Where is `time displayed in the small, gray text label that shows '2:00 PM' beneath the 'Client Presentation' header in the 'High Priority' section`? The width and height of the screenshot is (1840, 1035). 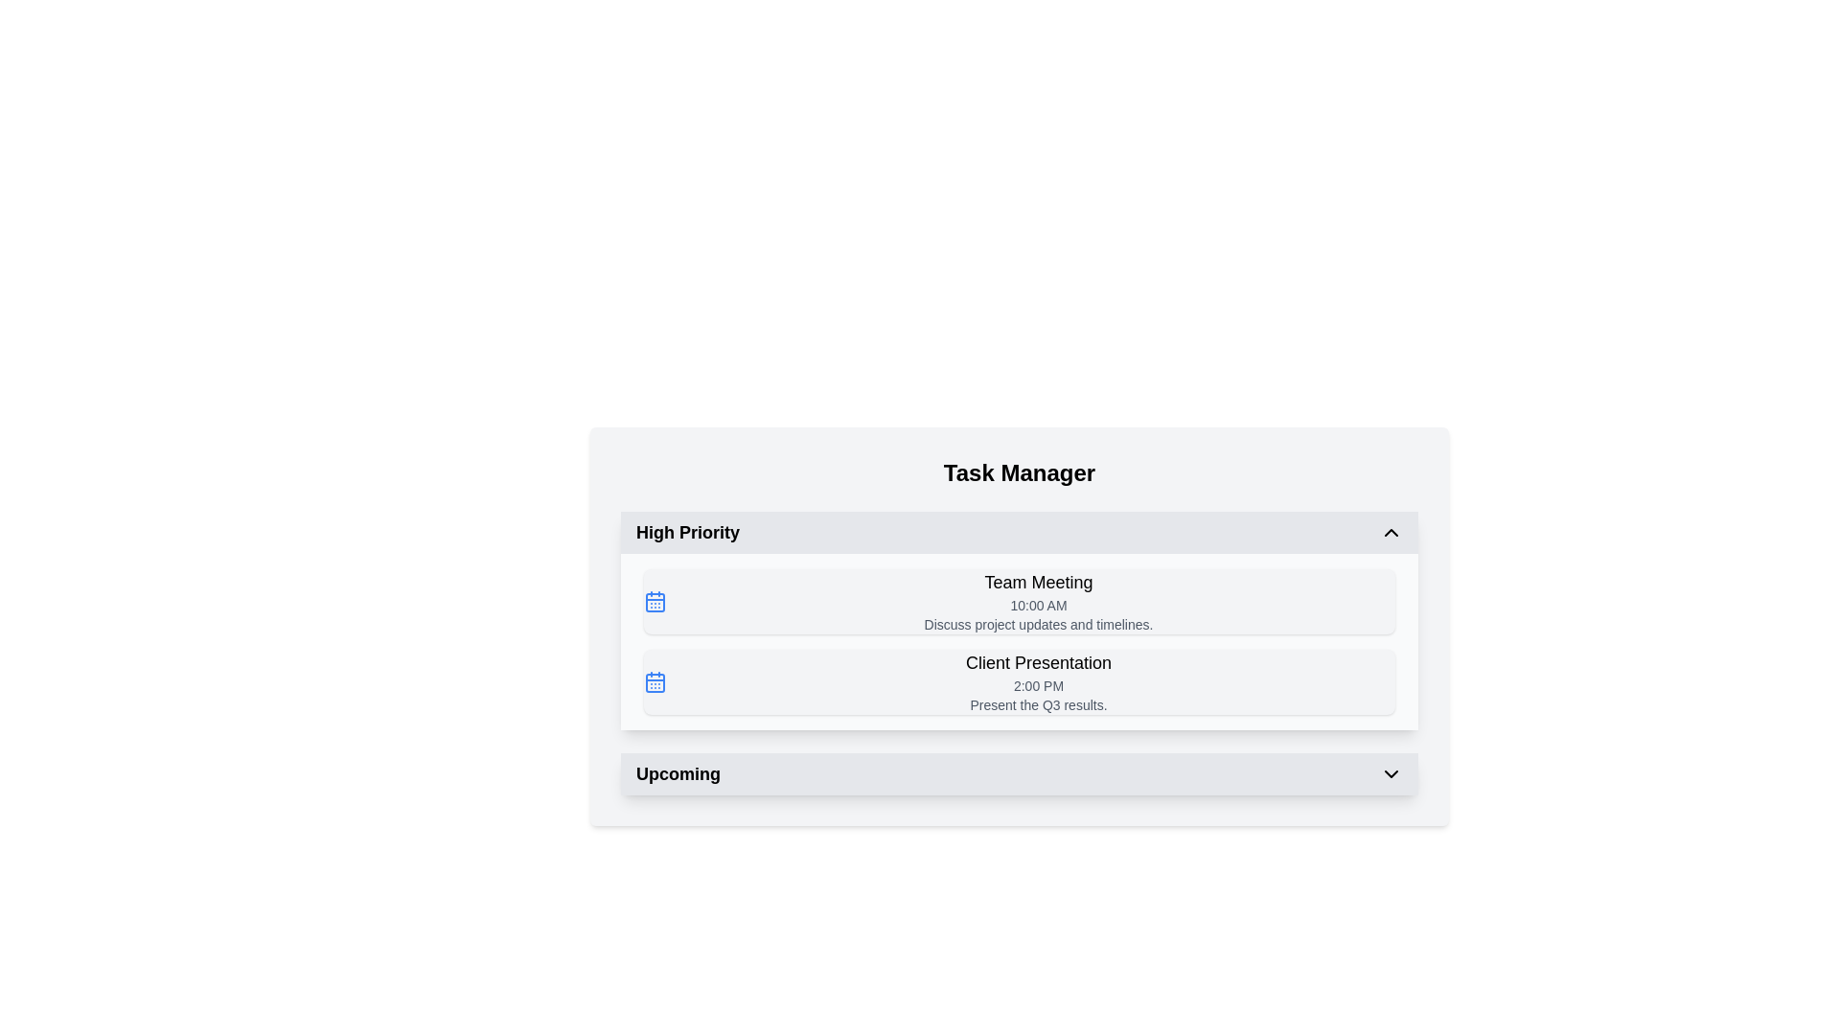 time displayed in the small, gray text label that shows '2:00 PM' beneath the 'Client Presentation' header in the 'High Priority' section is located at coordinates (1038, 685).